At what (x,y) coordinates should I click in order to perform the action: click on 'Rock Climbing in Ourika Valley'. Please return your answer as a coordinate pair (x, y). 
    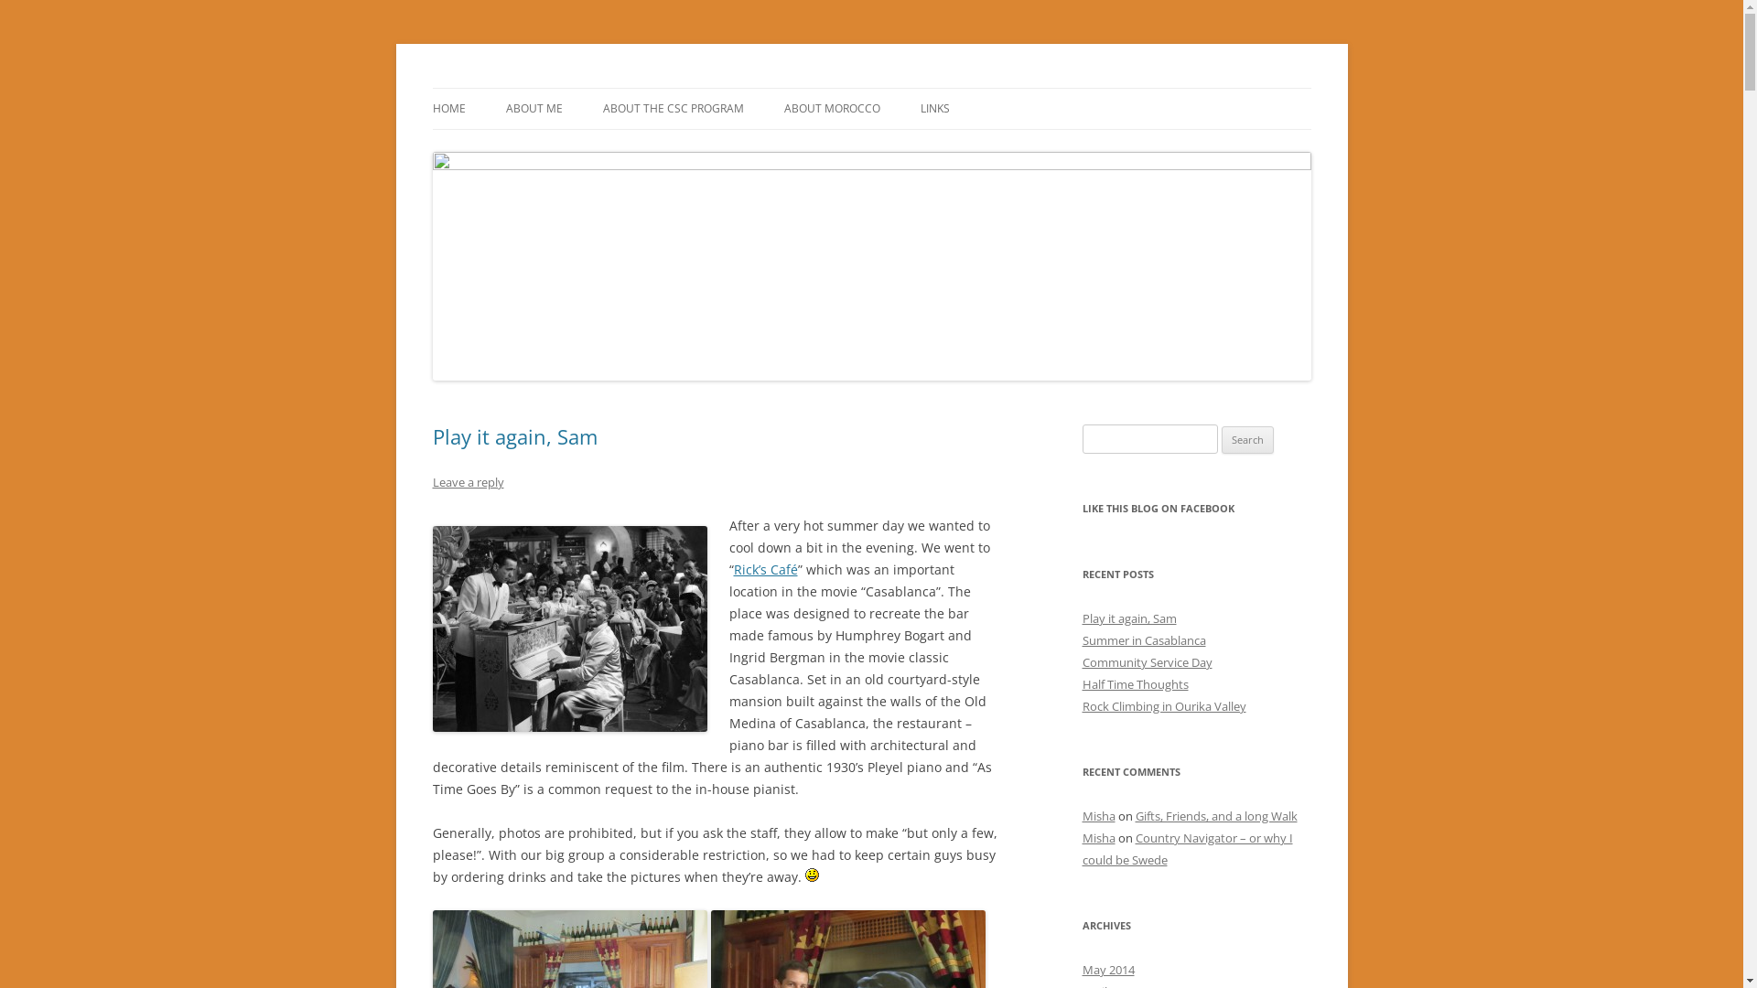
    Looking at the image, I should click on (1081, 704).